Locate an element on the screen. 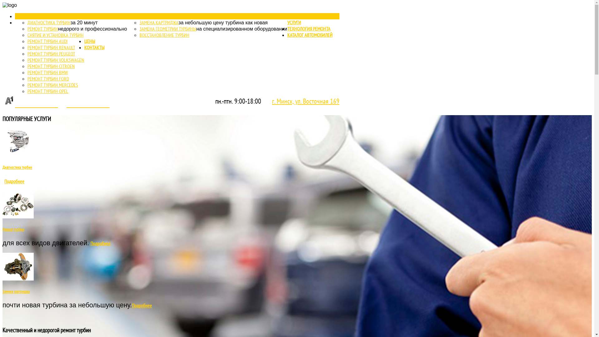  '+375 29 749-99-41' is located at coordinates (88, 104).